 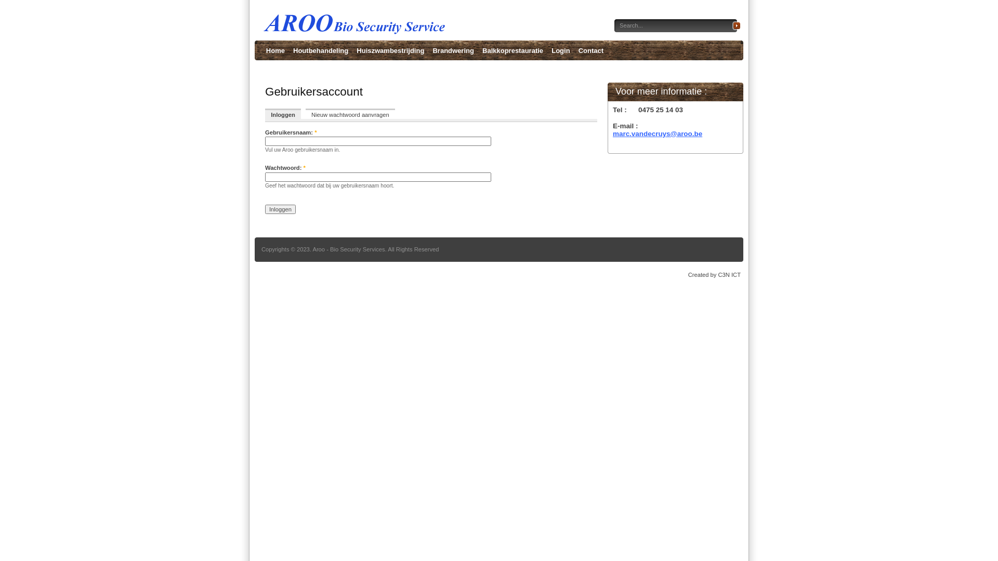 What do you see at coordinates (591, 50) in the screenshot?
I see `'Contact'` at bounding box center [591, 50].